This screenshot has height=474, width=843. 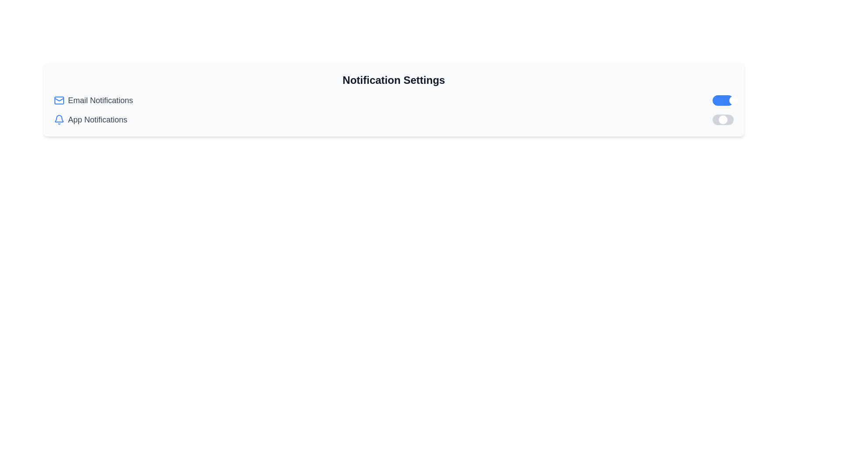 I want to click on the 'Email Notifications' text label, which is styled in a medium-large gray font and is located to the right of a blue mail envelope icon, so click(x=101, y=100).